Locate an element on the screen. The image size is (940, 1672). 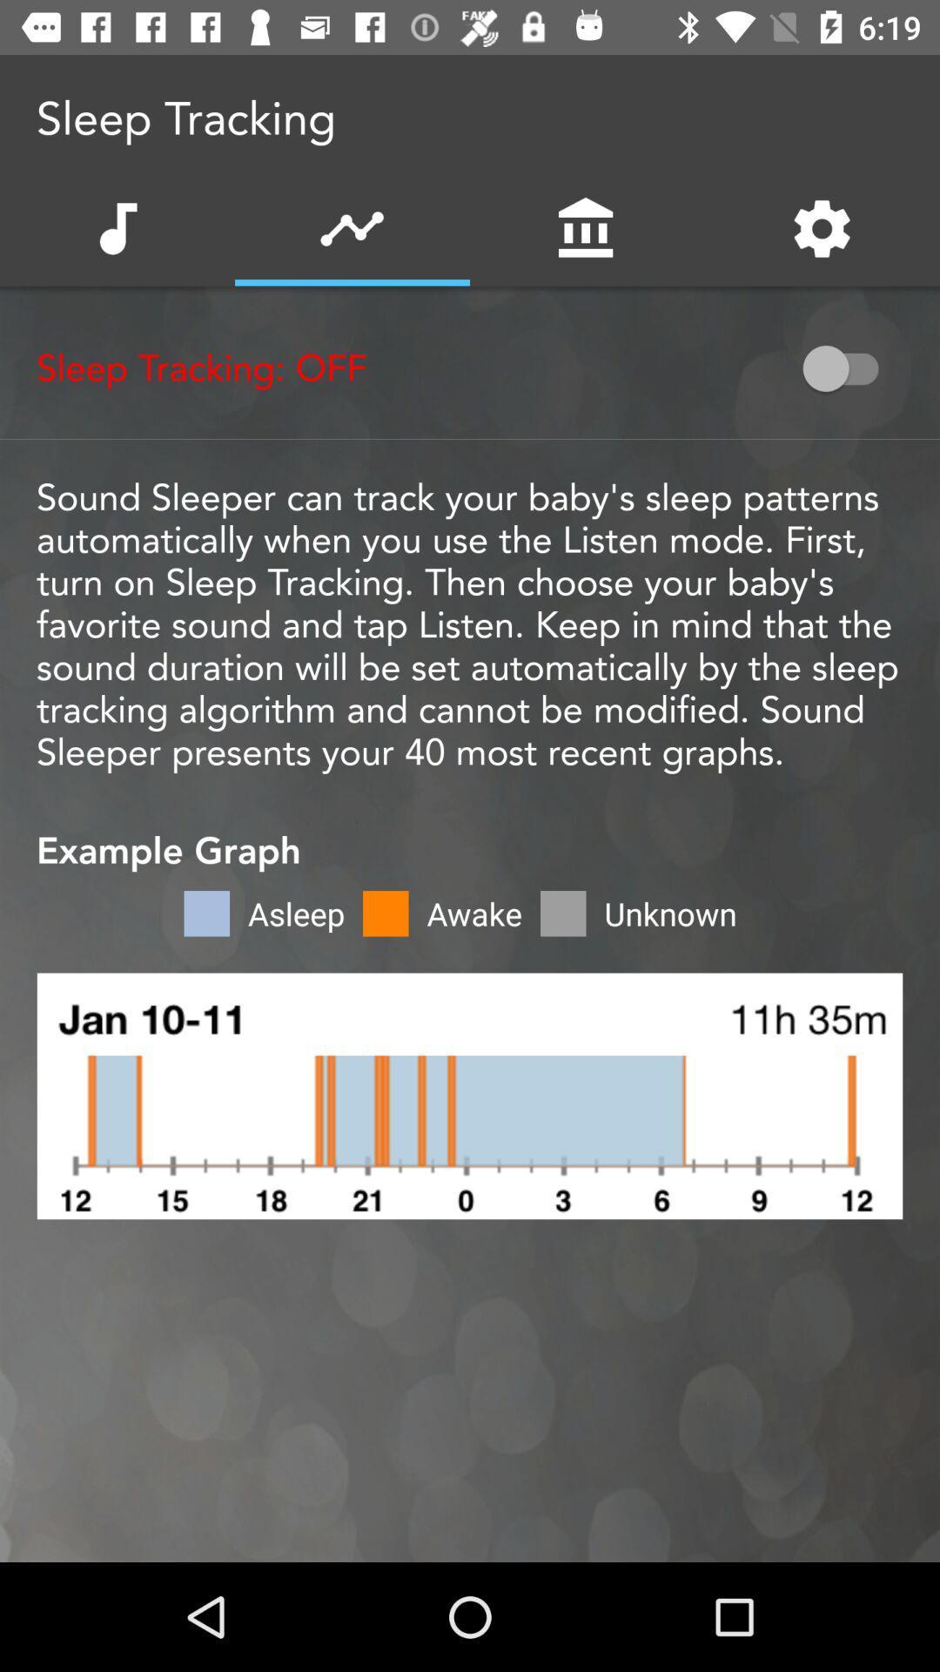
item above sound sleeper can icon is located at coordinates (848, 367).